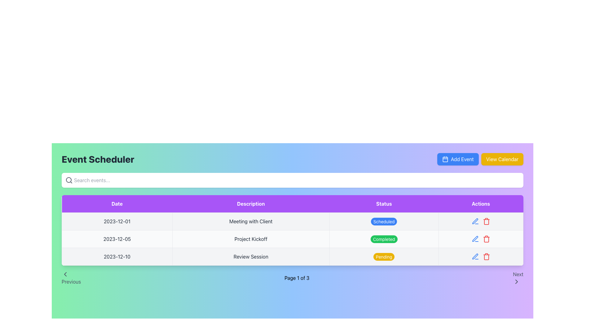  Describe the element at coordinates (480, 159) in the screenshot. I see `the 'View Calendar' button located in the Button Group under the 'Event Scheduler' header at the top right of the interface` at that location.